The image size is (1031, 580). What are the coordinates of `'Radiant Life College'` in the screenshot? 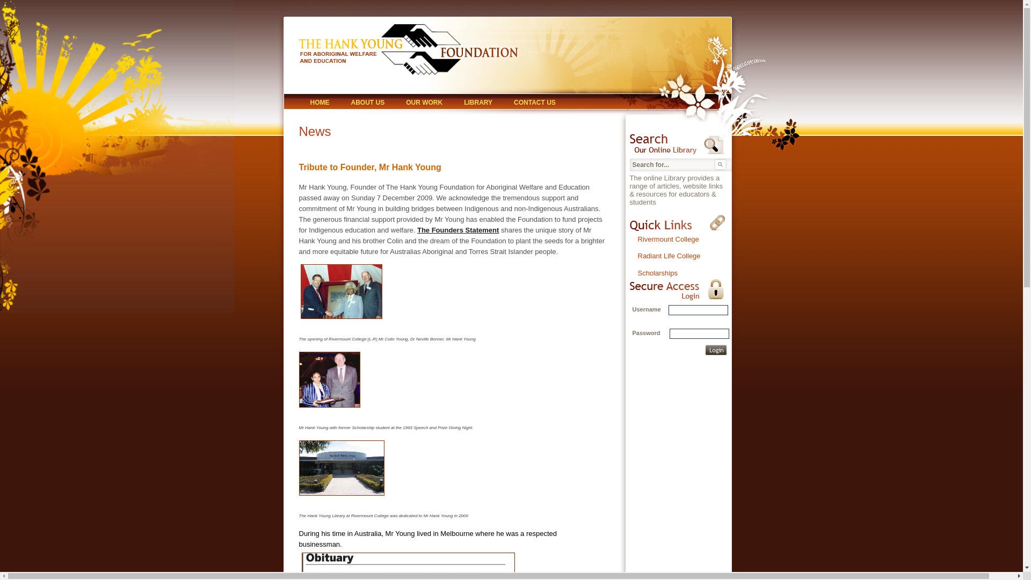 It's located at (669, 256).